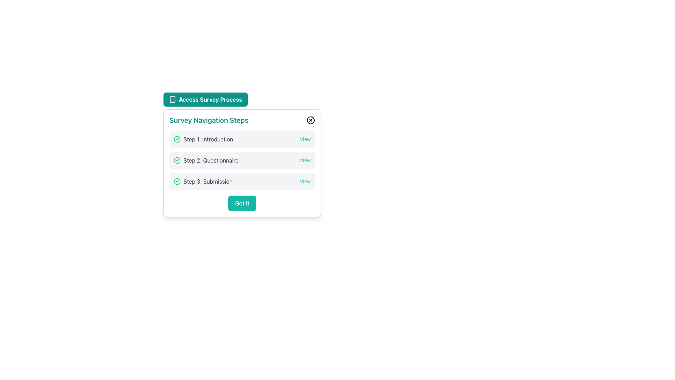 This screenshot has width=675, height=380. What do you see at coordinates (305, 139) in the screenshot?
I see `the text link located in the 'Step 1: Introduction' row to underline it` at bounding box center [305, 139].